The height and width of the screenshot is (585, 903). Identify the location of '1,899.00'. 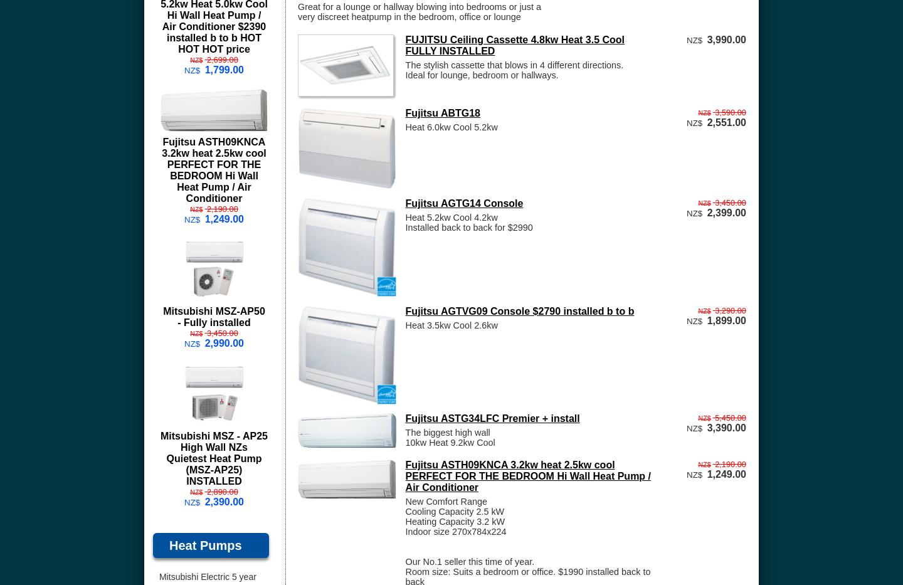
(726, 320).